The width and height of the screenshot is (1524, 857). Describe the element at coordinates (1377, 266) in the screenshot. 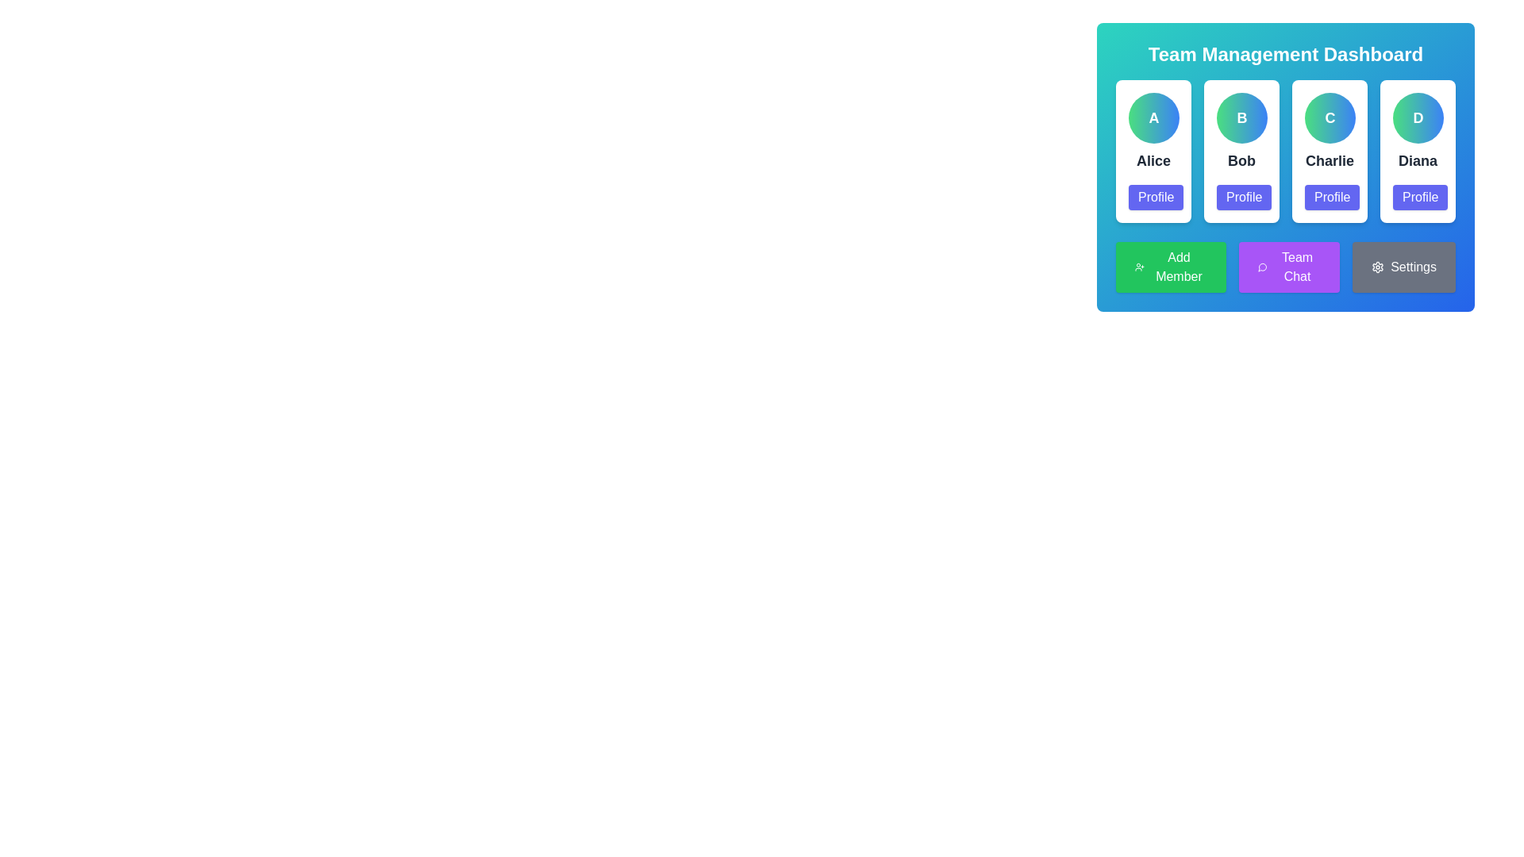

I see `the cogwheel icon indicating settings functionality, located to the left of the 'Settings' button with a dark gray background` at that location.